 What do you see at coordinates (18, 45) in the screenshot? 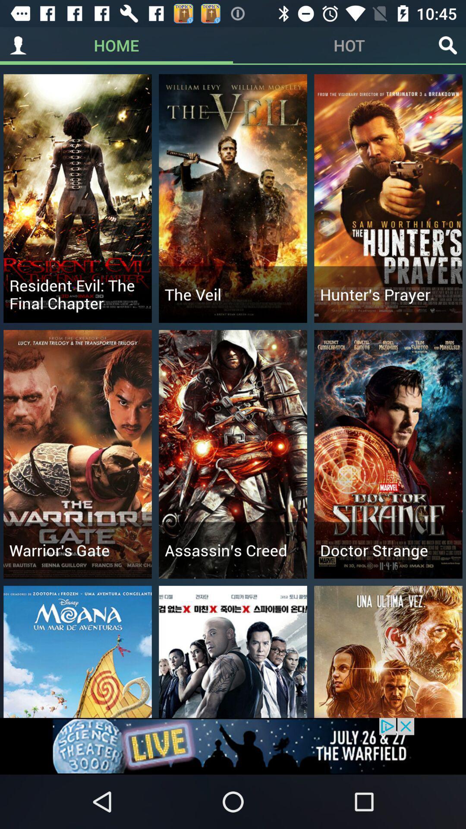
I see `profile tab` at bounding box center [18, 45].